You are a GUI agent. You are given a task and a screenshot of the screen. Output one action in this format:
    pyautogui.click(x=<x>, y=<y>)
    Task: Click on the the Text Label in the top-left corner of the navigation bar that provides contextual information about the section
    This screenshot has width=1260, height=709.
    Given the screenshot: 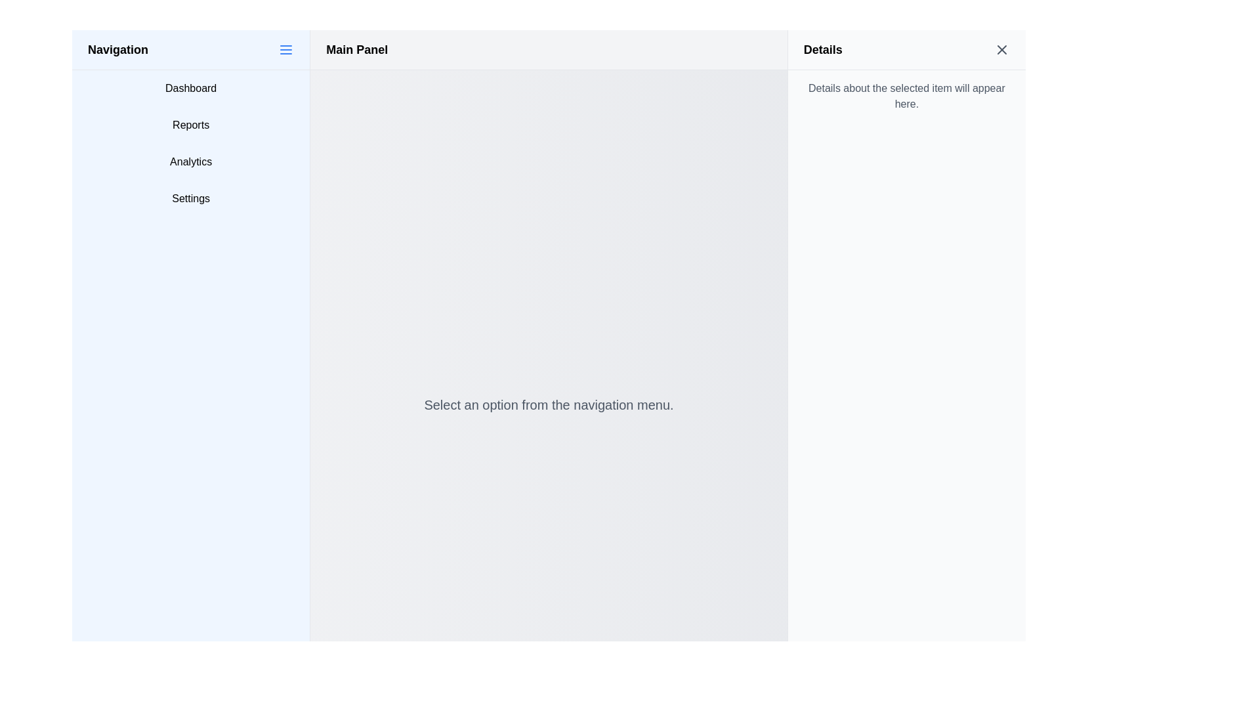 What is the action you would take?
    pyautogui.click(x=118, y=49)
    